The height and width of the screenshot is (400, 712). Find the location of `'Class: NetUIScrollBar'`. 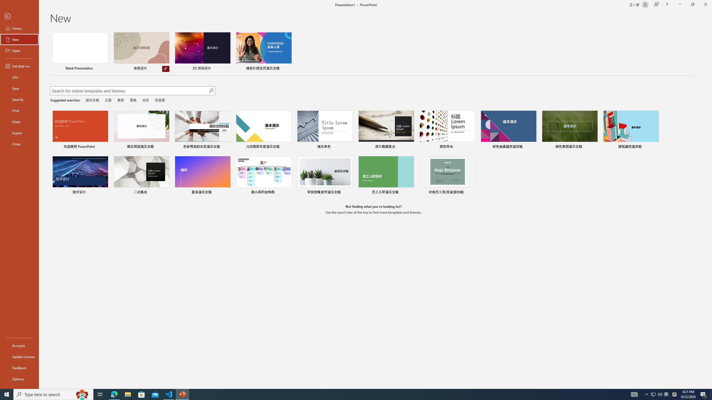

'Class: NetUIScrollBar' is located at coordinates (709, 209).